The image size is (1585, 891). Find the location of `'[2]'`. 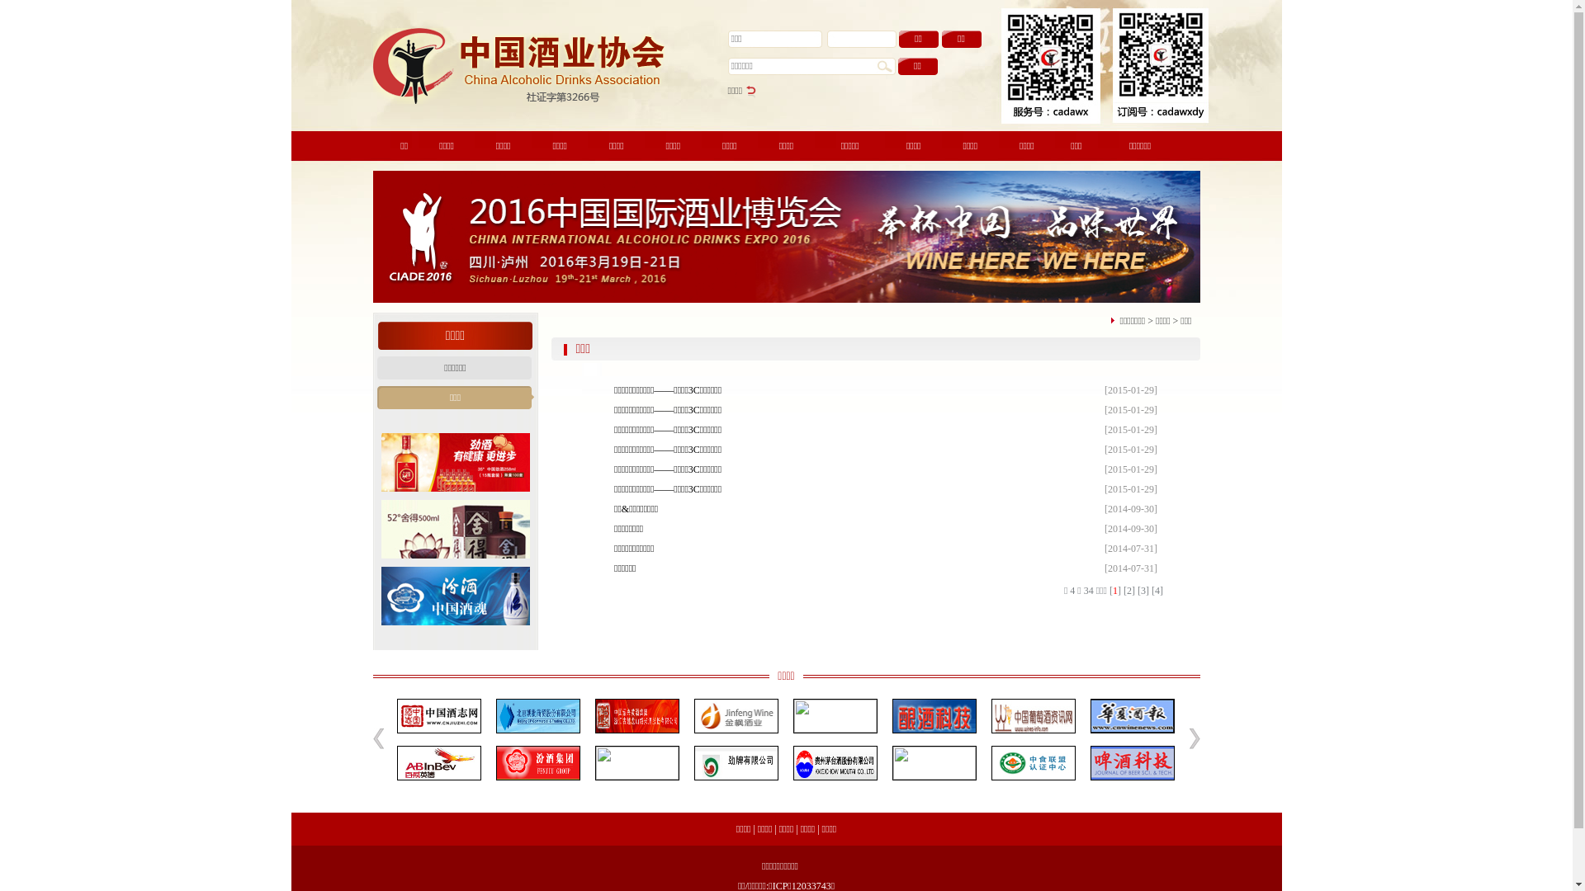

'[2]' is located at coordinates (1128, 590).